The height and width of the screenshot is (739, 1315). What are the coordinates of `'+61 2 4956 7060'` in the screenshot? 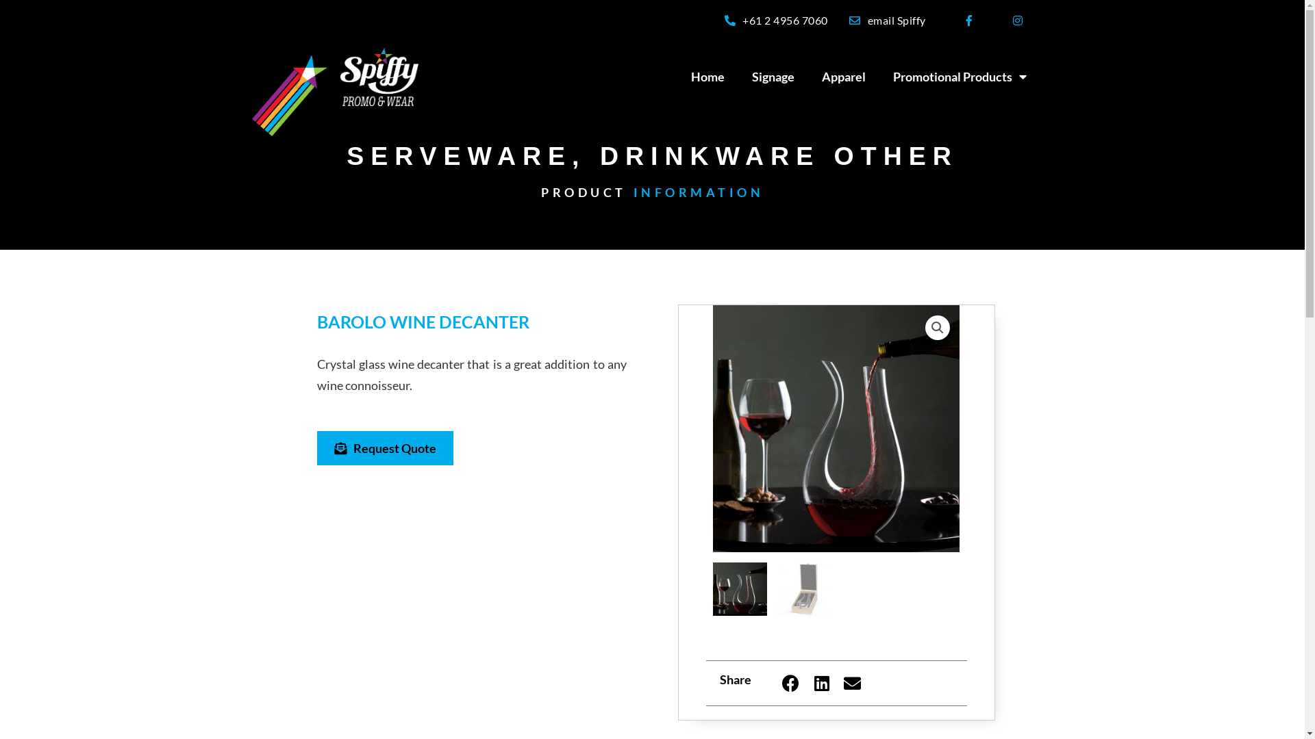 It's located at (775, 20).